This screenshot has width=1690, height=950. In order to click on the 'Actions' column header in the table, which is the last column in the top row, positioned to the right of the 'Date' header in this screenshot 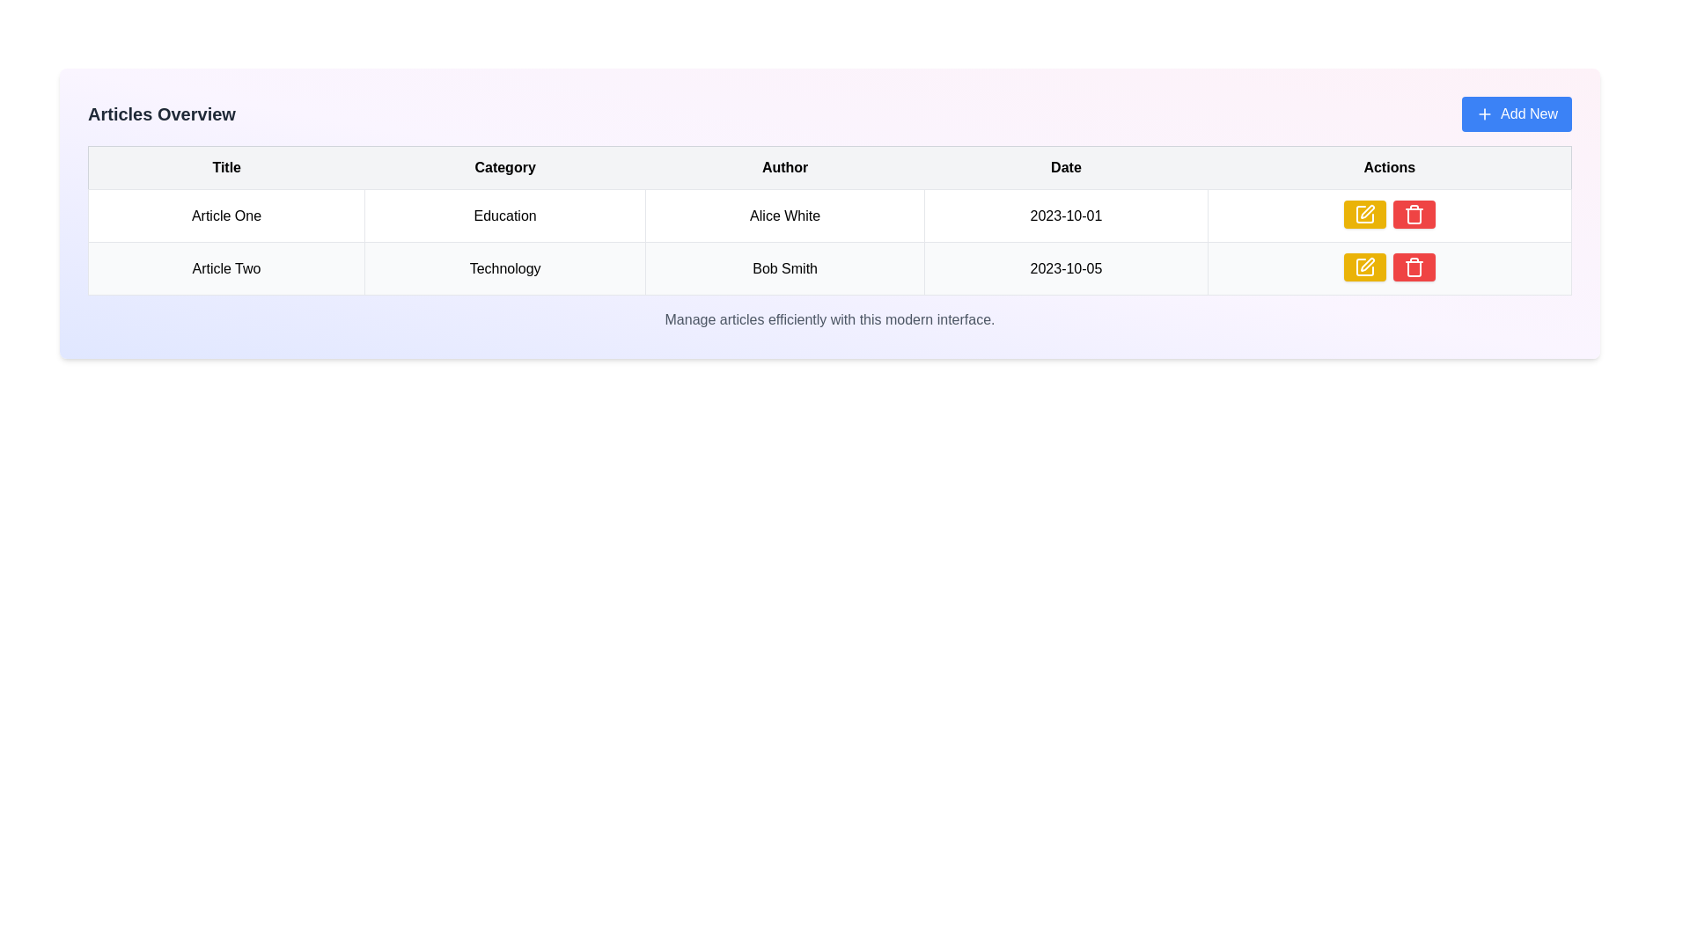, I will do `click(1389, 168)`.